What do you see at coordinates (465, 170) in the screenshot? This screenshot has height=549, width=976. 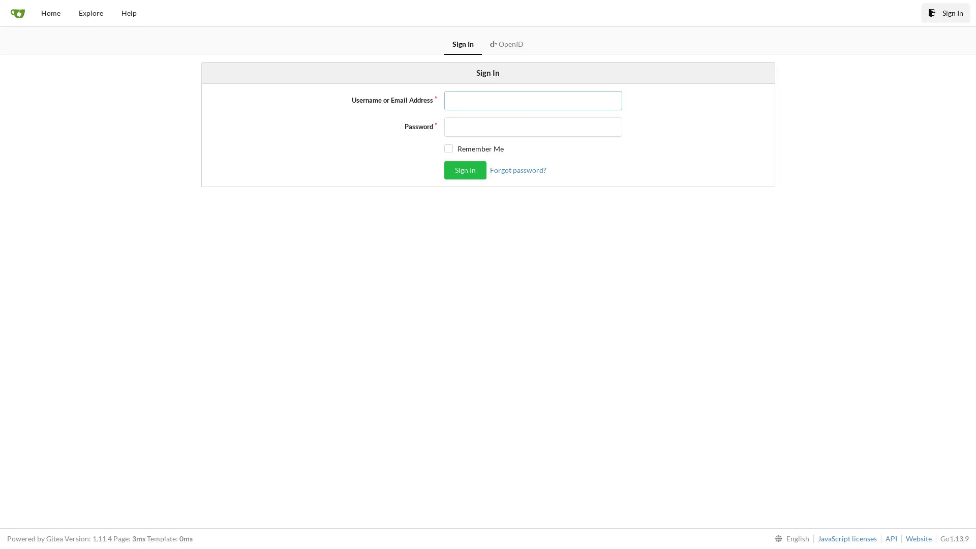 I see `Sign In` at bounding box center [465, 170].